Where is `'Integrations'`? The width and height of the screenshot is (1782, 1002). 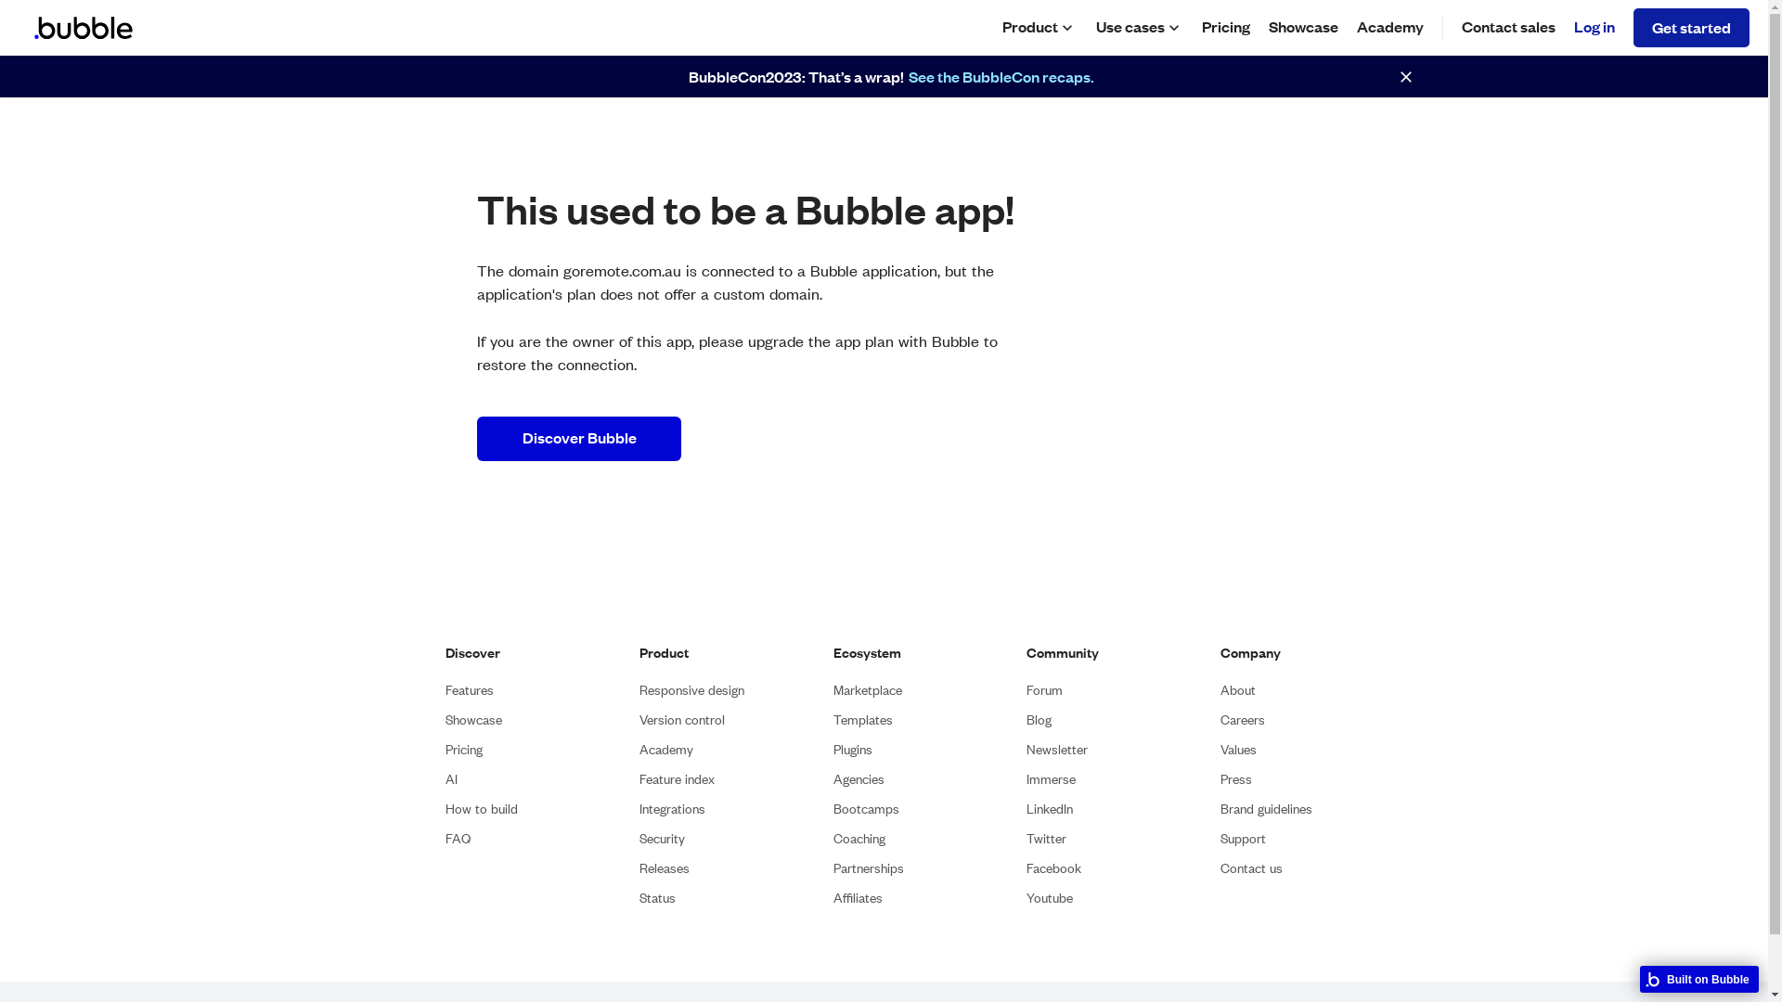 'Integrations' is located at coordinates (639, 807).